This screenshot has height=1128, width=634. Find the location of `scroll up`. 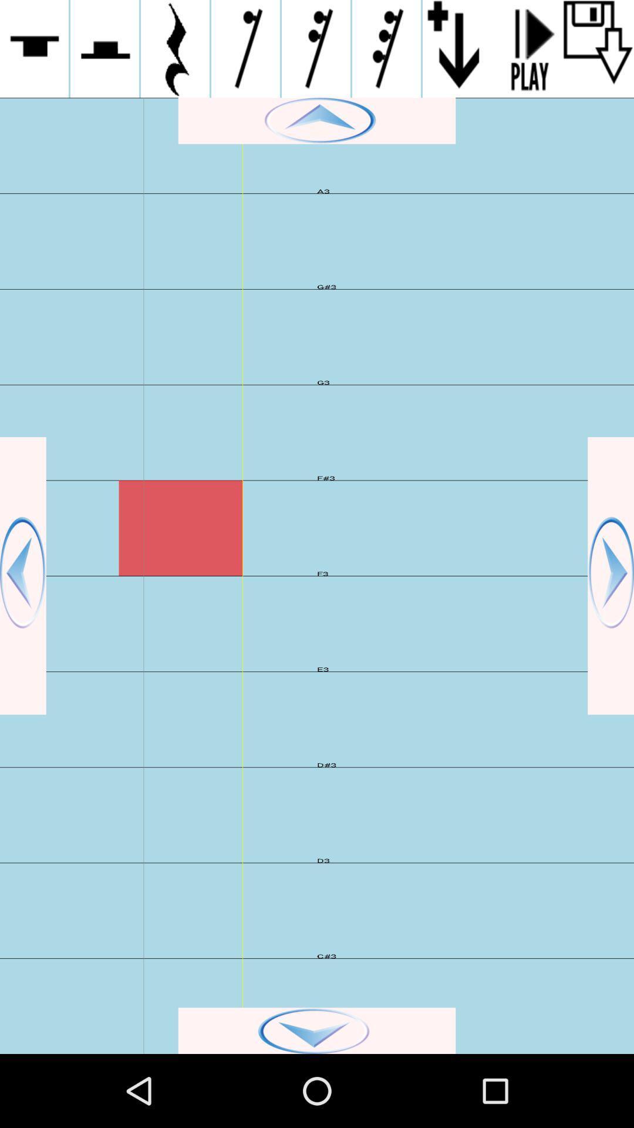

scroll up is located at coordinates (317, 120).